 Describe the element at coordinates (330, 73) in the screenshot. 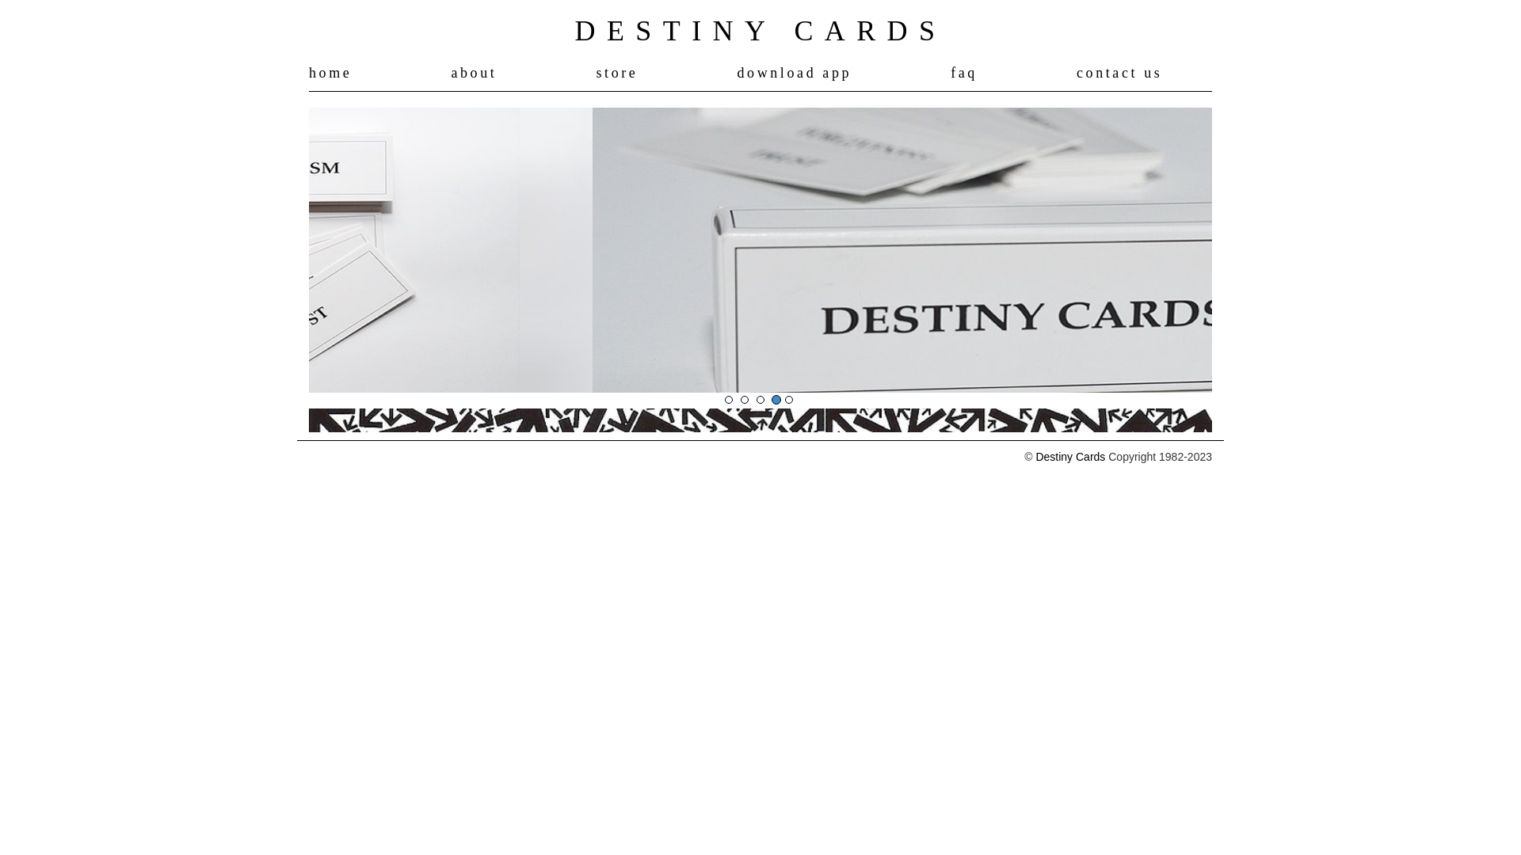

I see `'home'` at that location.